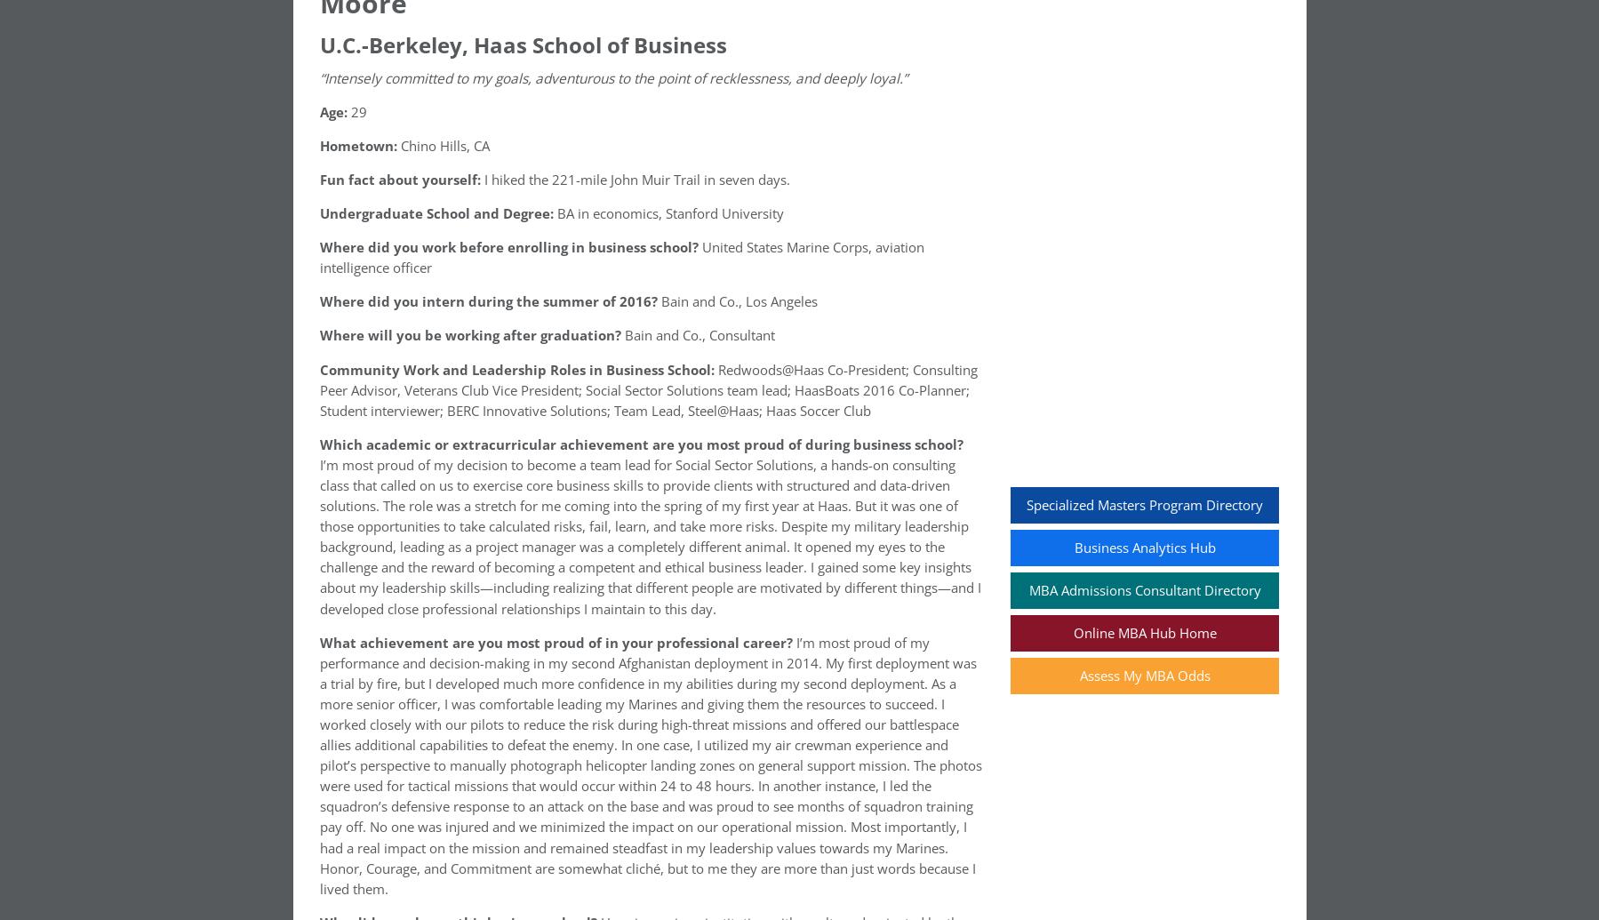 This screenshot has width=1599, height=920. I want to click on 'or leave a comment below.', so click(557, 296).